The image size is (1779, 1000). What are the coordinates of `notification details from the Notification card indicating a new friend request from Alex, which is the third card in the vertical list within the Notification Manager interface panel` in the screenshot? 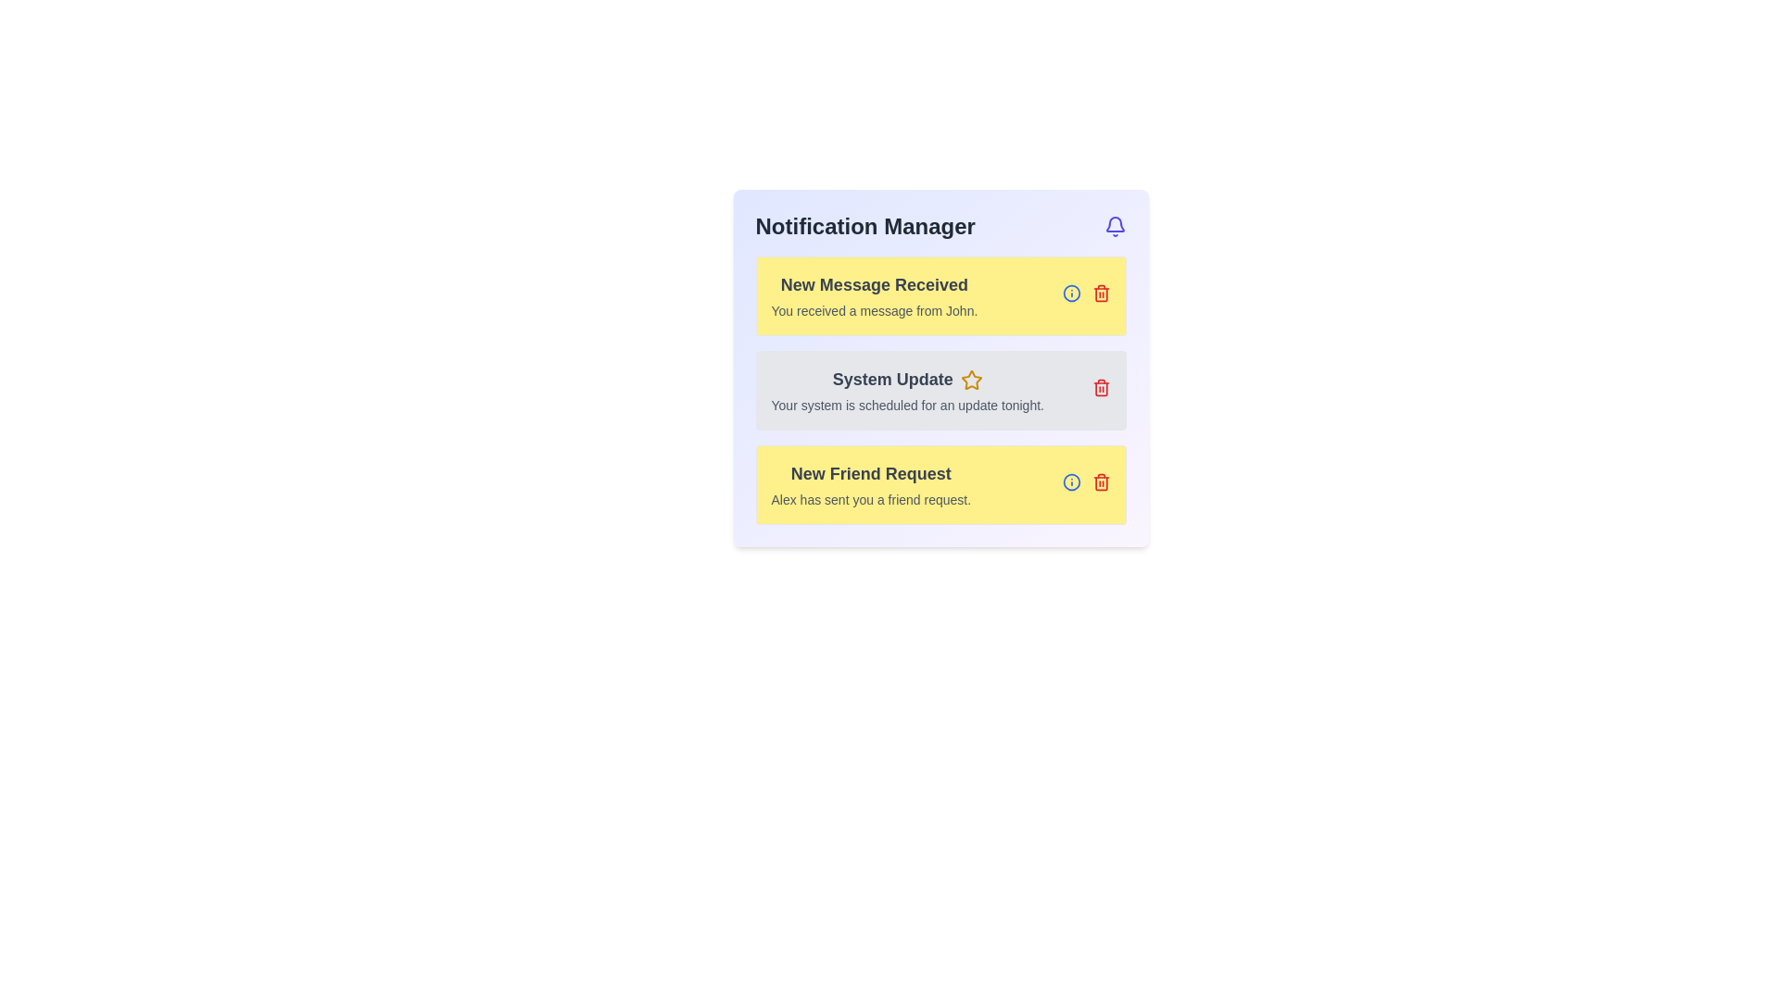 It's located at (870, 484).